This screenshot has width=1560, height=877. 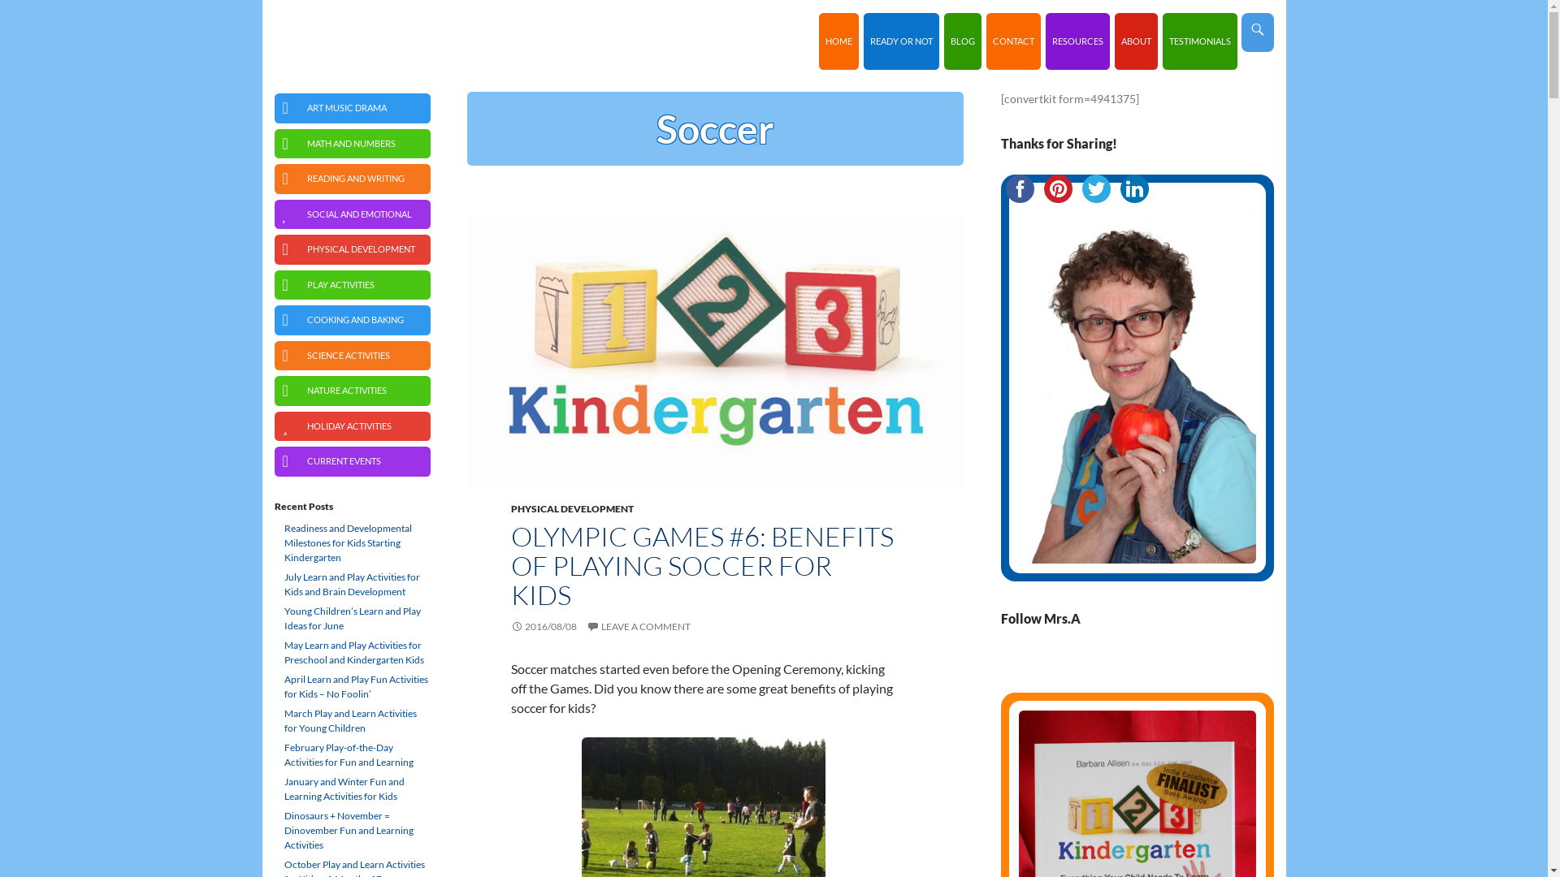 What do you see at coordinates (351, 320) in the screenshot?
I see `'COOKING AND BAKING'` at bounding box center [351, 320].